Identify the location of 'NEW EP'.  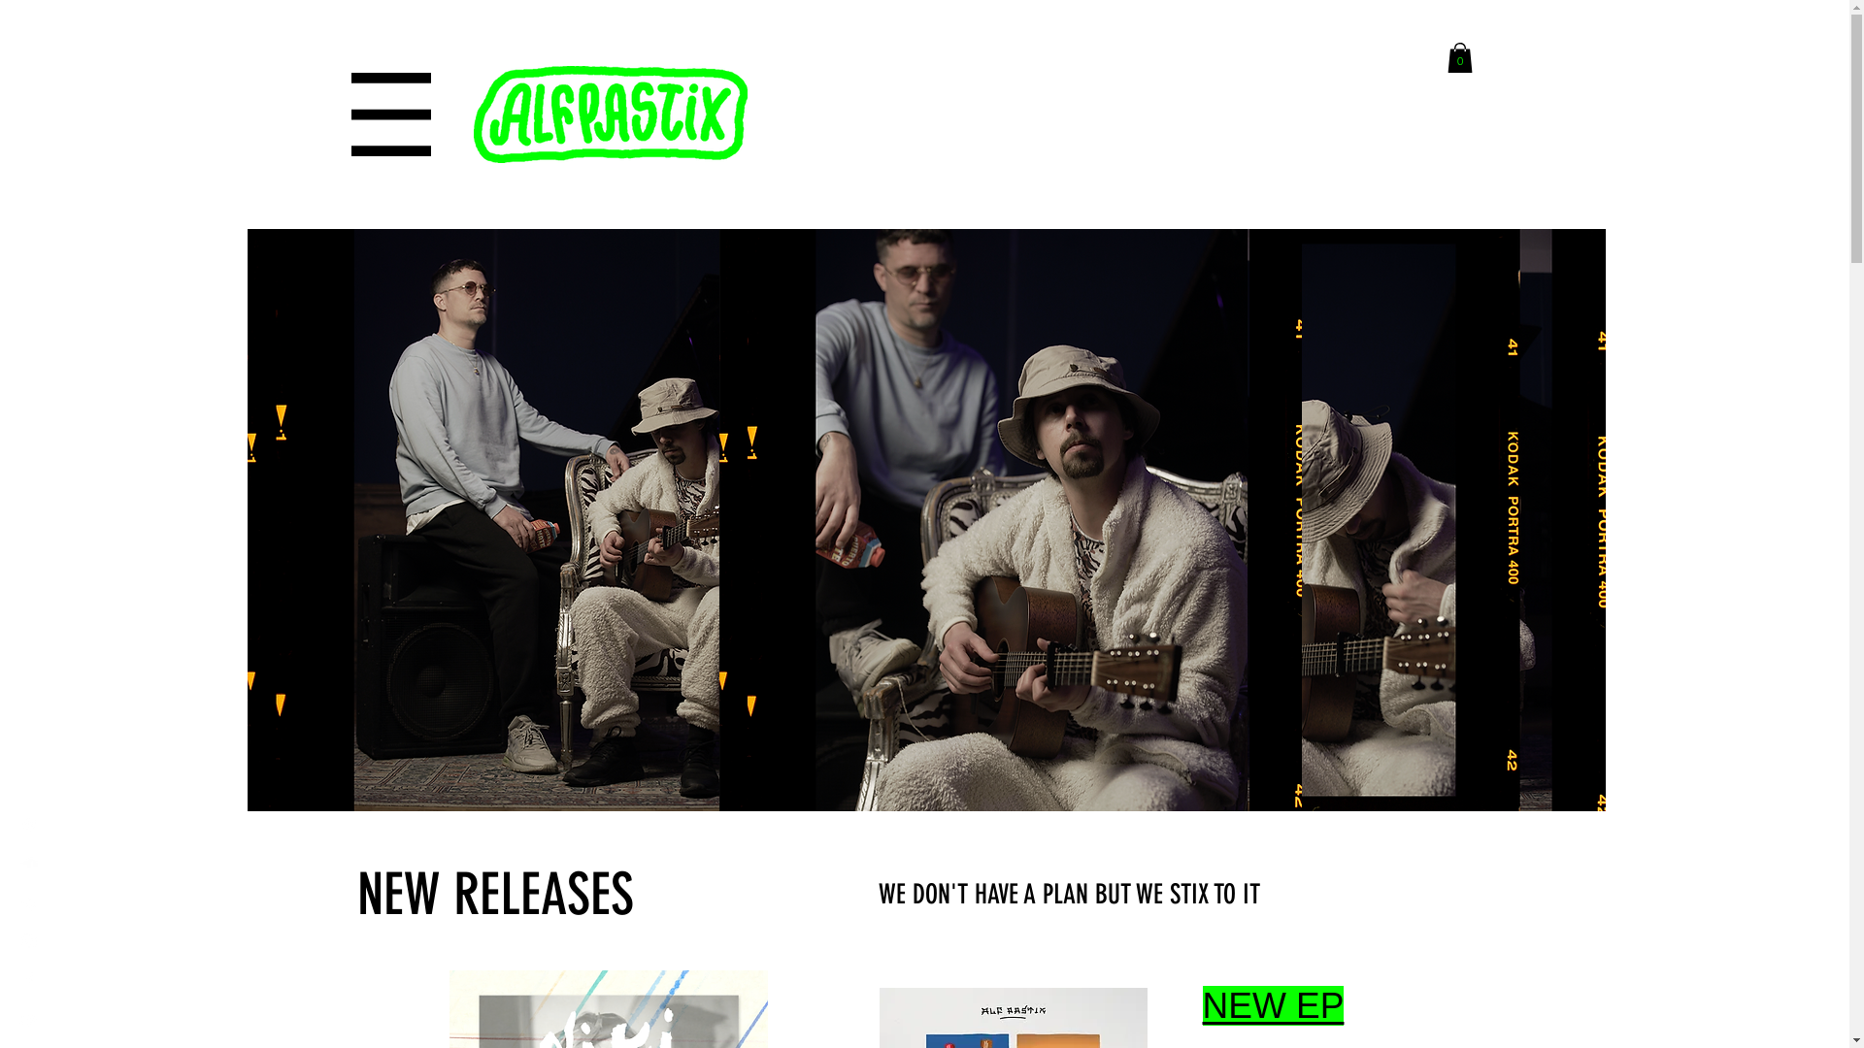
(1272, 1004).